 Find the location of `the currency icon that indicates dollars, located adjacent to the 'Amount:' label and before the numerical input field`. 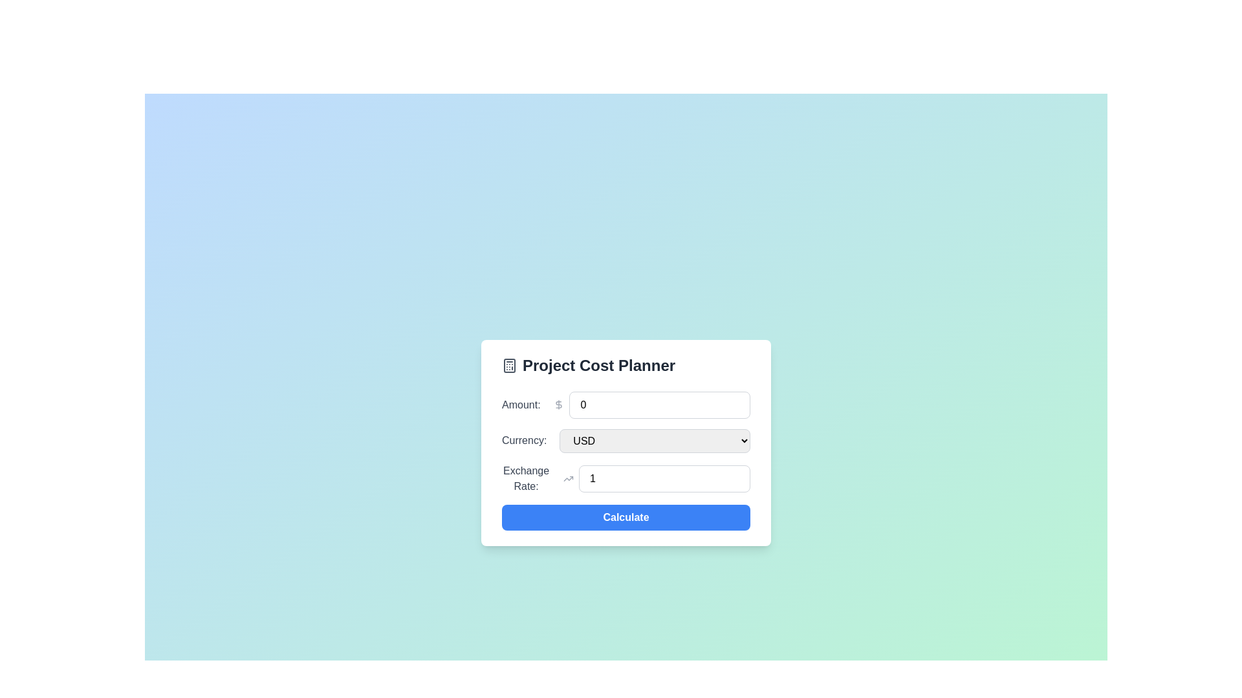

the currency icon that indicates dollars, located adjacent to the 'Amount:' label and before the numerical input field is located at coordinates (559, 404).